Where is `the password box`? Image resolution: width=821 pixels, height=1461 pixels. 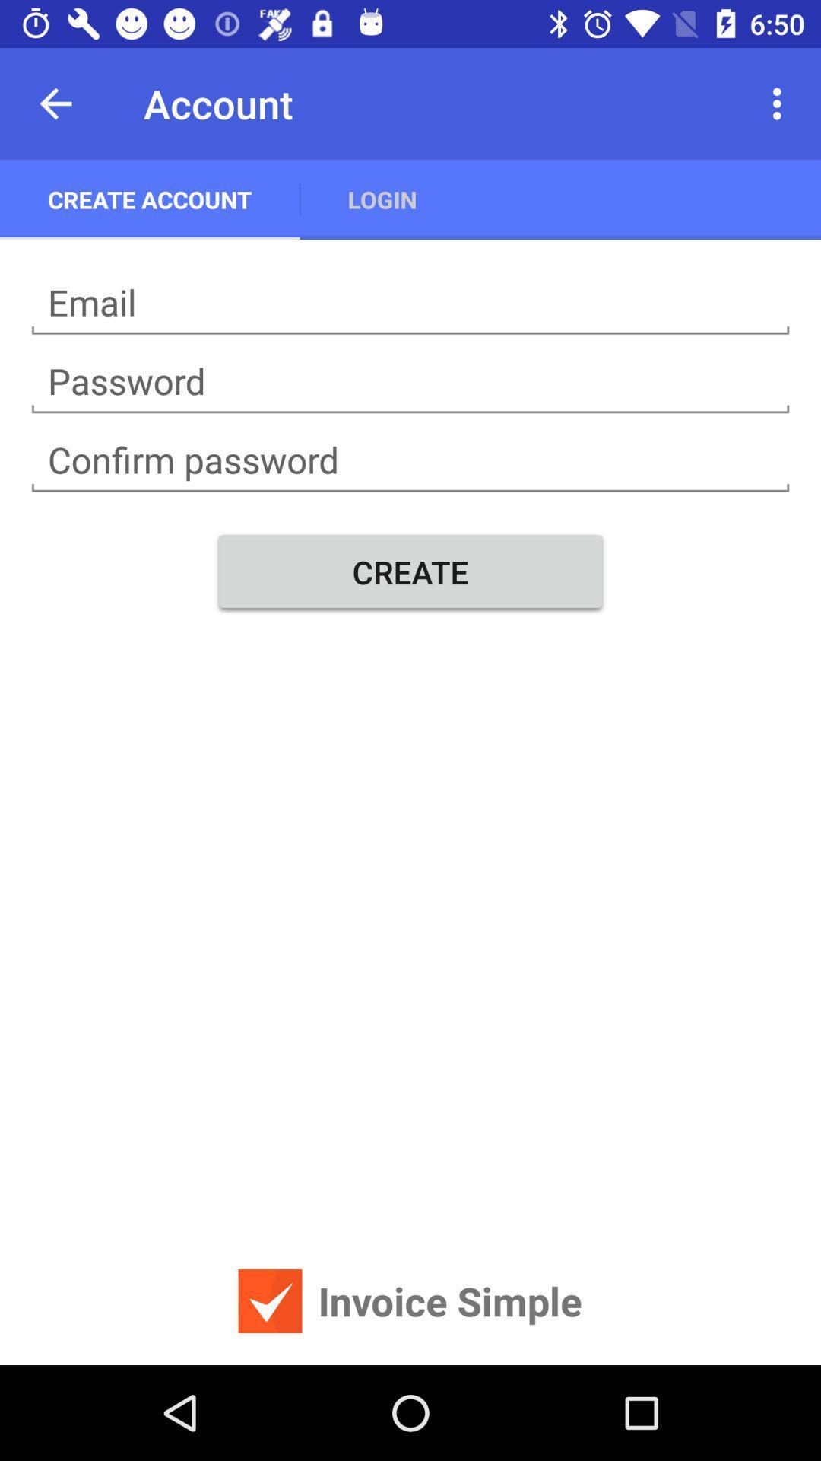
the password box is located at coordinates (410, 381).